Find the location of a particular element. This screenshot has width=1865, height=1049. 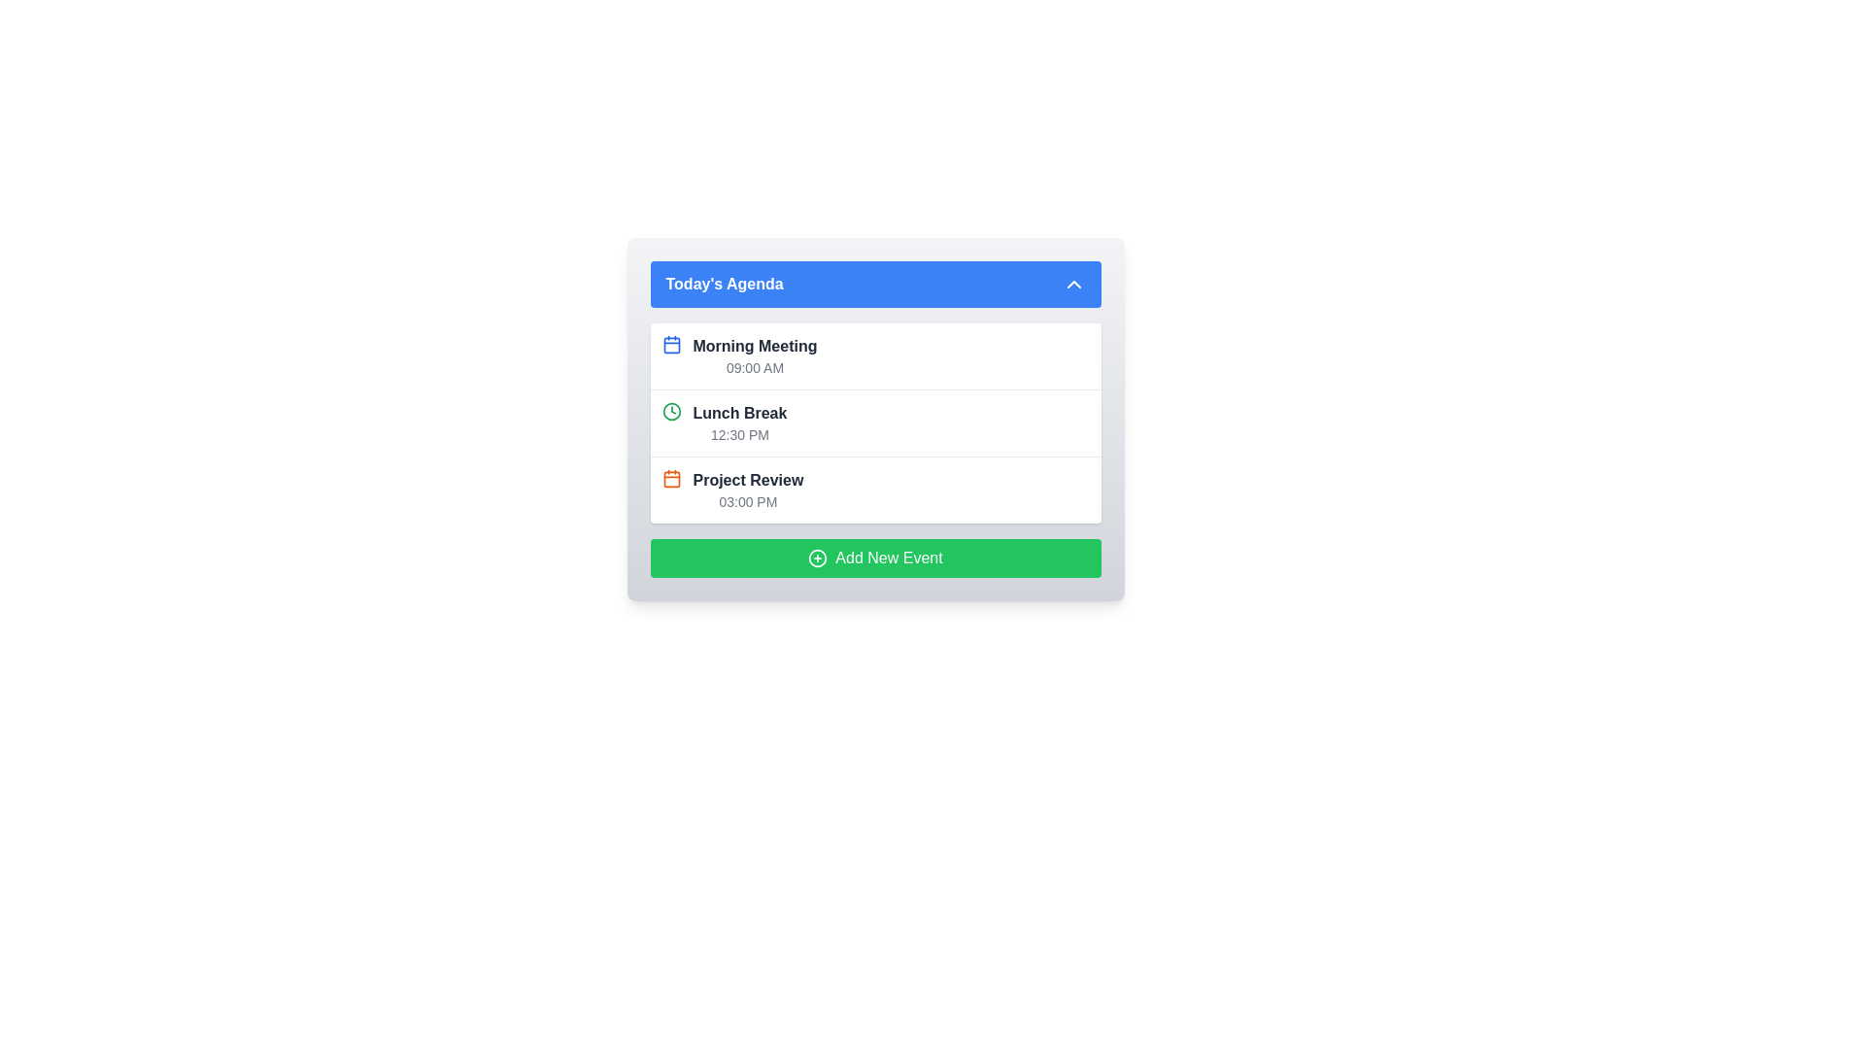

the 'Morning Meeting' text label, which is styled in bold, dark gray font and is the first line of the first item in 'Today's Agenda' is located at coordinates (754, 346).